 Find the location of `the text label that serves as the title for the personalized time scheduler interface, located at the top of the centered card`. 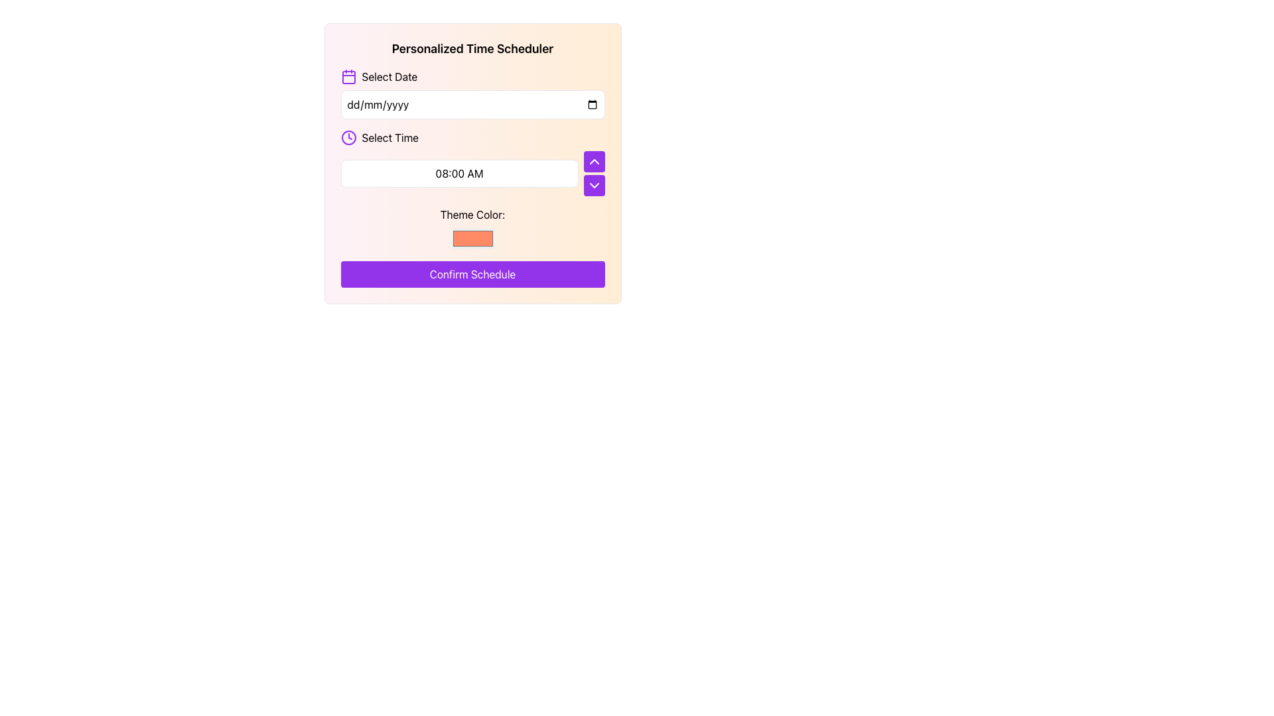

the text label that serves as the title for the personalized time scheduler interface, located at the top of the centered card is located at coordinates (472, 48).